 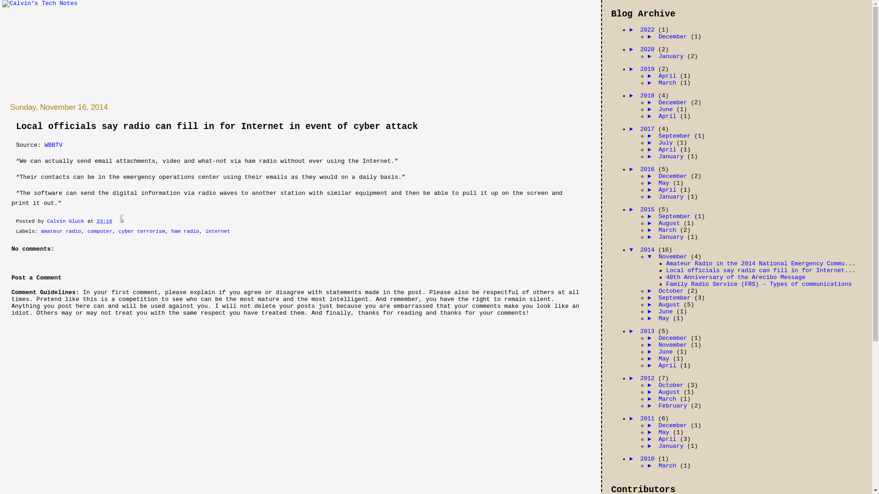 I want to click on 'computer', so click(x=99, y=231).